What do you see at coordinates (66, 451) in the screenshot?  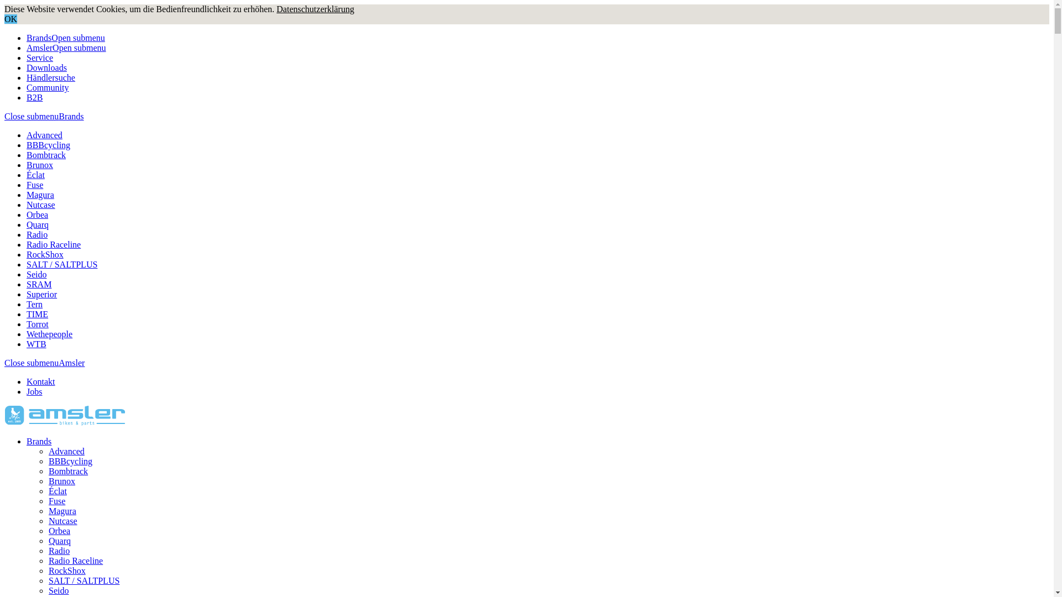 I see `'Advanced'` at bounding box center [66, 451].